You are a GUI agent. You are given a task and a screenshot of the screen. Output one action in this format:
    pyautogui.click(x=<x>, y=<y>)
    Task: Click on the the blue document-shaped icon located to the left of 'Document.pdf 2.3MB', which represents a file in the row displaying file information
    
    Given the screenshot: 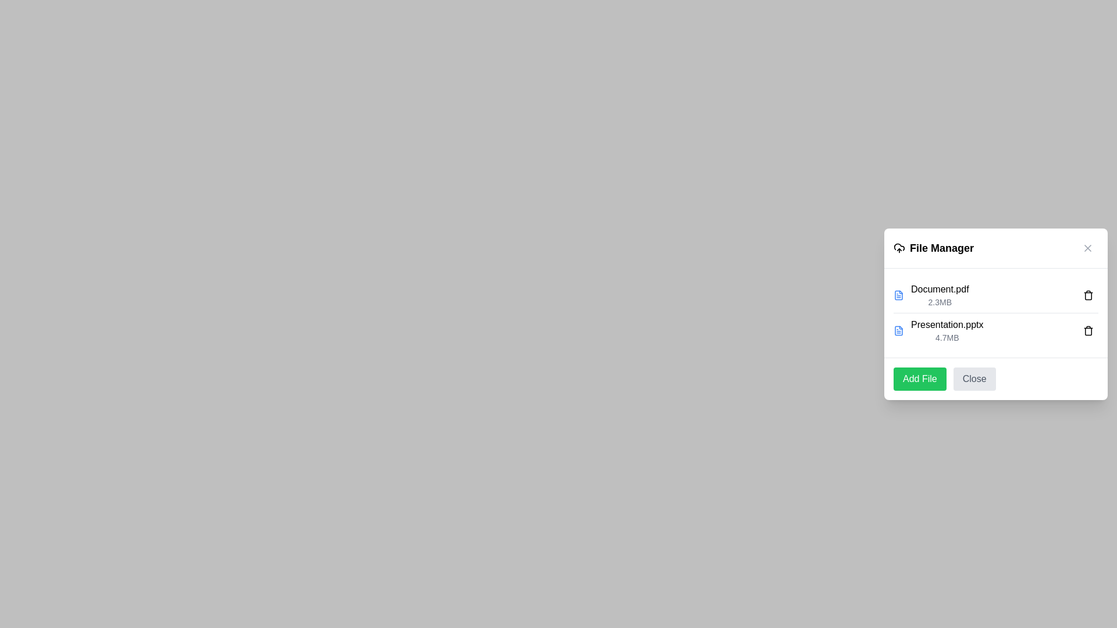 What is the action you would take?
    pyautogui.click(x=898, y=294)
    